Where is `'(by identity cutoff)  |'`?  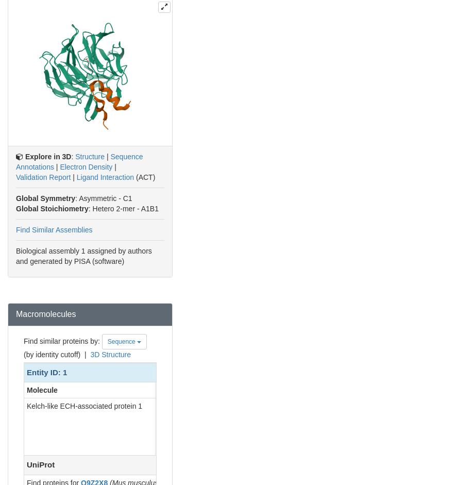
'(by identity cutoff)  |' is located at coordinates (56, 354).